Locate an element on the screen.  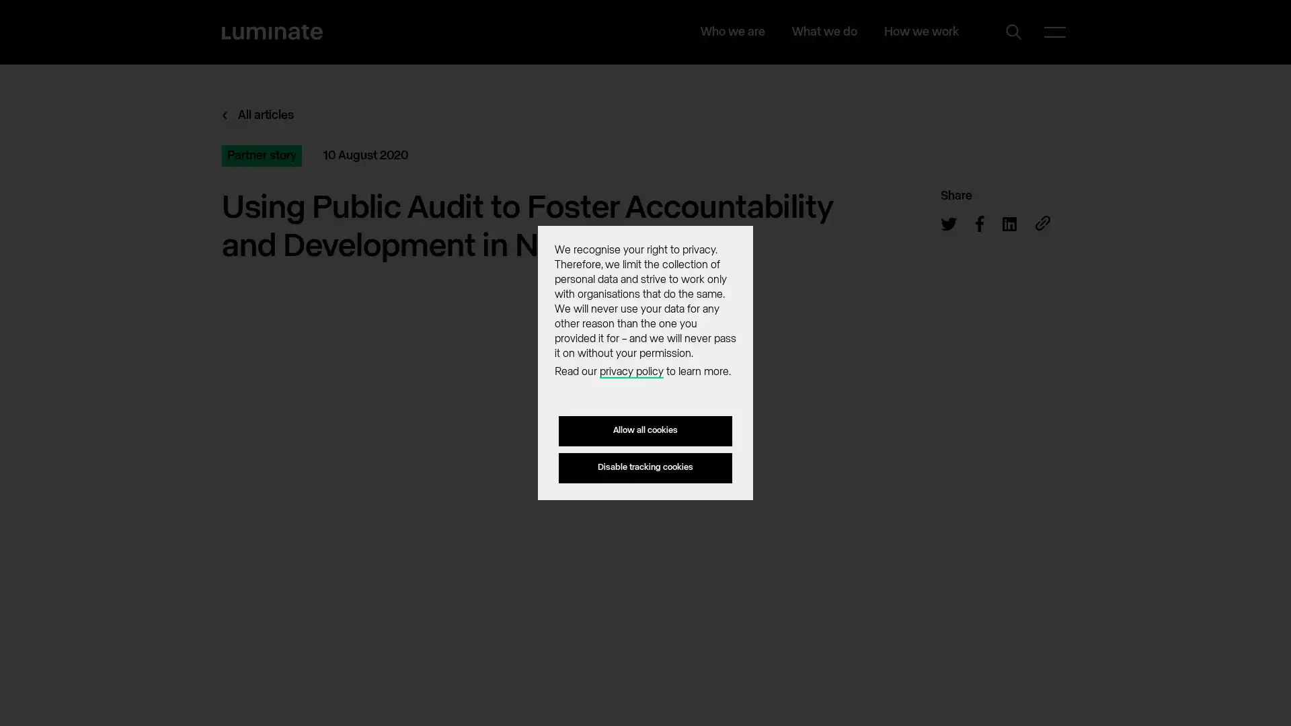
Allow all cookies is located at coordinates (645, 431).